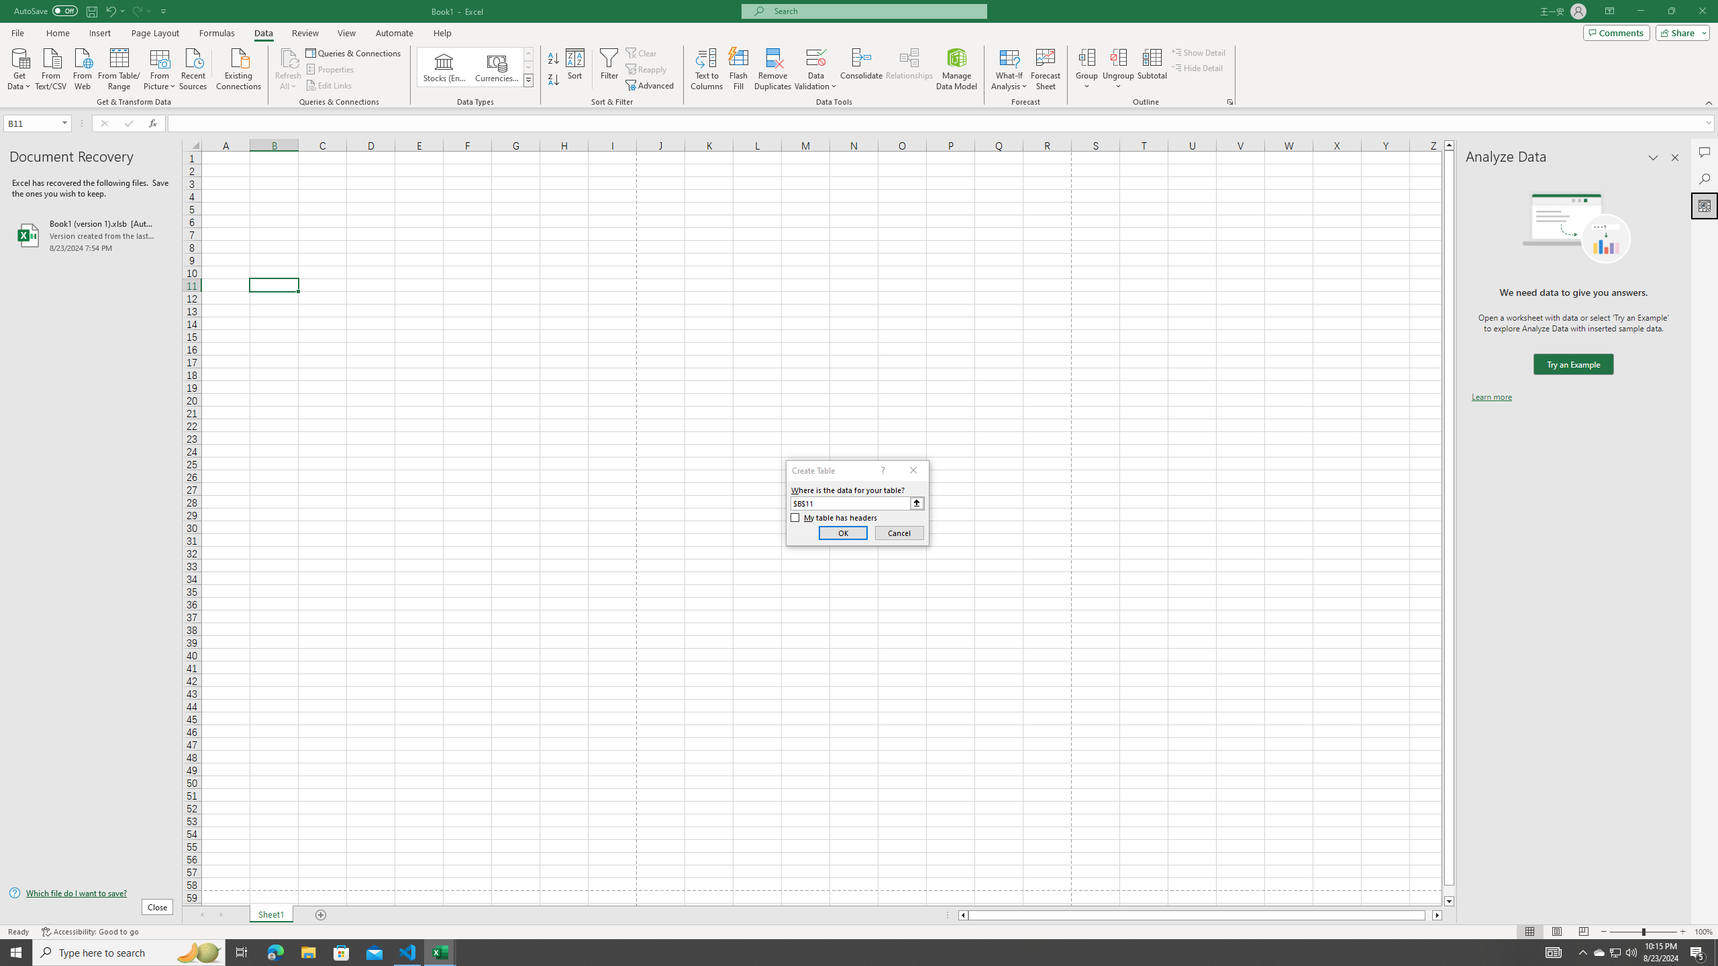 Image resolution: width=1718 pixels, height=966 pixels. I want to click on 'Line down', so click(1449, 902).